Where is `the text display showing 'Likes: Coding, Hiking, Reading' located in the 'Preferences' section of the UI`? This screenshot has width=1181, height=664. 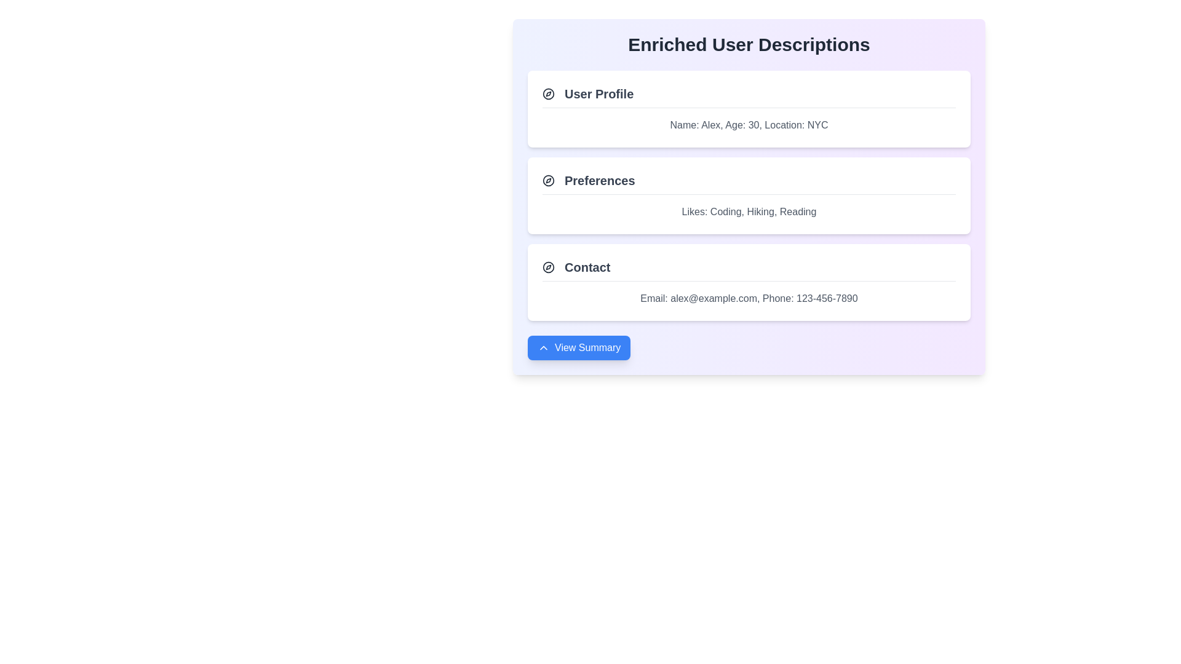
the text display showing 'Likes: Coding, Hiking, Reading' located in the 'Preferences' section of the UI is located at coordinates (749, 206).